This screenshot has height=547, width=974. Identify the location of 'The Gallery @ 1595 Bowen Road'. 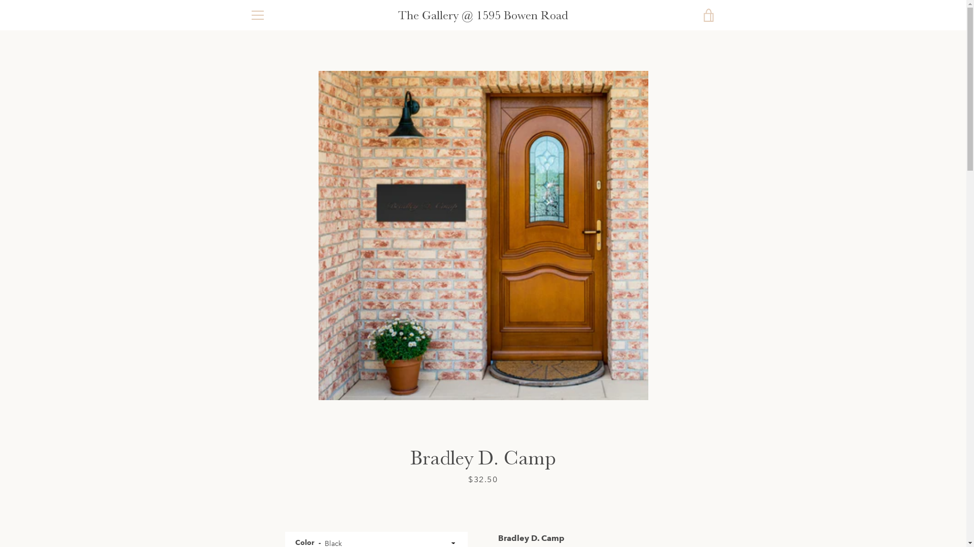
(482, 15).